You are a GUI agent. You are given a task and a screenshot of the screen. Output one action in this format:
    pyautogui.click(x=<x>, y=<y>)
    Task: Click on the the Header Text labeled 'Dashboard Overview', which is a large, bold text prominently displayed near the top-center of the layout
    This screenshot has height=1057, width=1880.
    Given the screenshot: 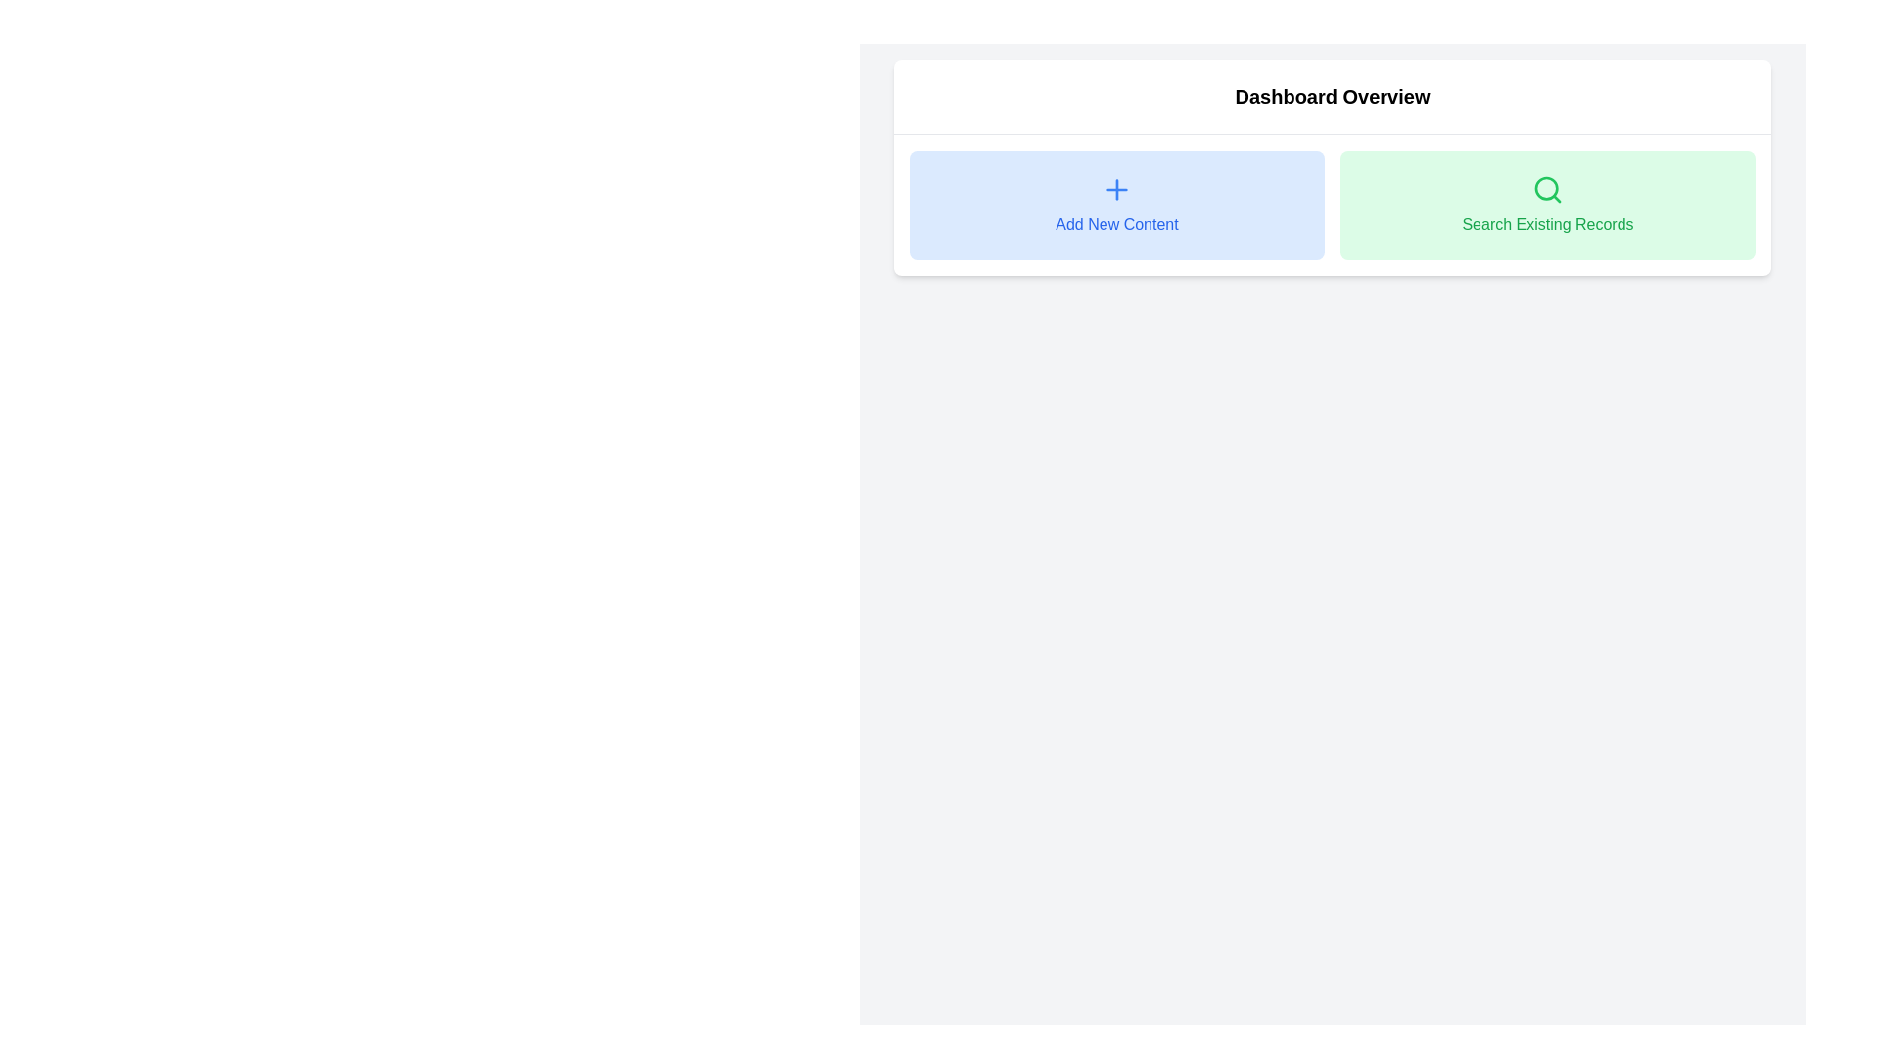 What is the action you would take?
    pyautogui.click(x=1332, y=97)
    